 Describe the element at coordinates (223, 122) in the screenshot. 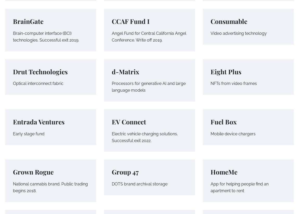

I see `'Fuel Box'` at that location.